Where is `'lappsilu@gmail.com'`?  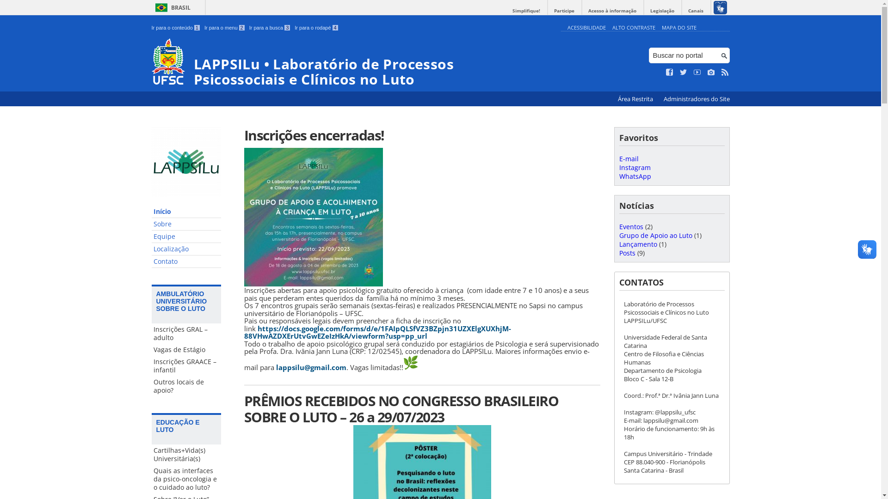 'lappsilu@gmail.com' is located at coordinates (311, 366).